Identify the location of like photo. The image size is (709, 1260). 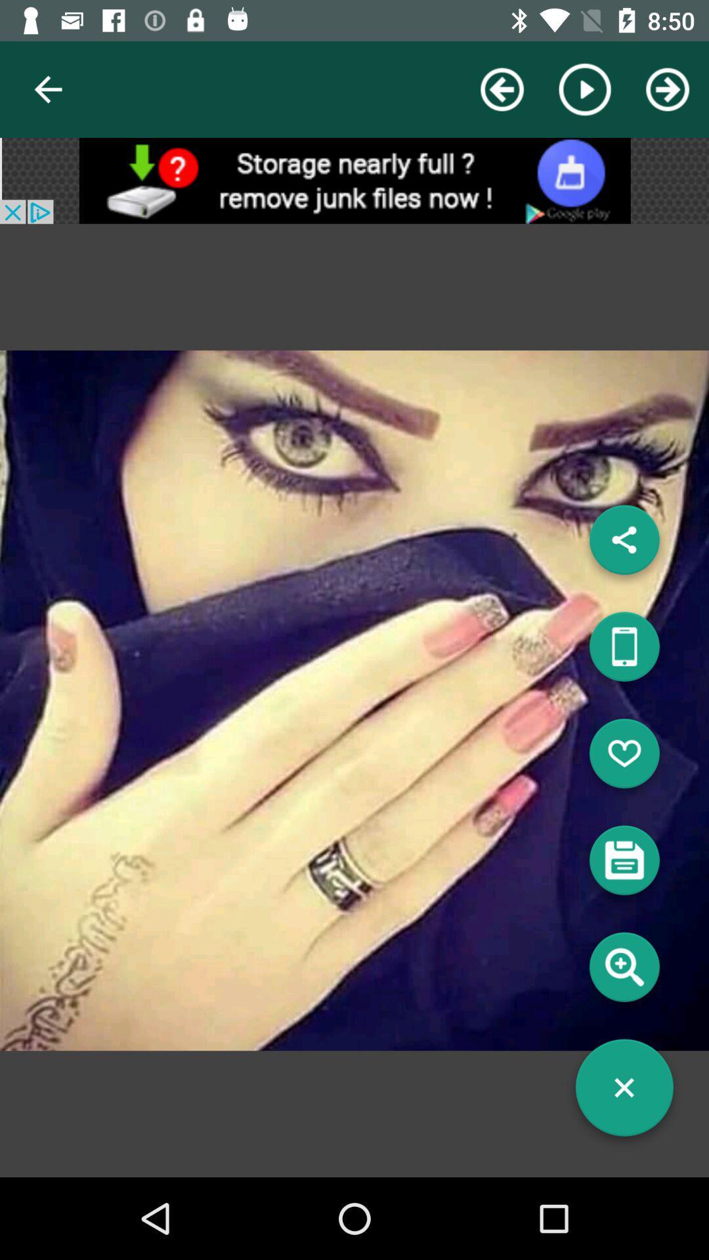
(624, 759).